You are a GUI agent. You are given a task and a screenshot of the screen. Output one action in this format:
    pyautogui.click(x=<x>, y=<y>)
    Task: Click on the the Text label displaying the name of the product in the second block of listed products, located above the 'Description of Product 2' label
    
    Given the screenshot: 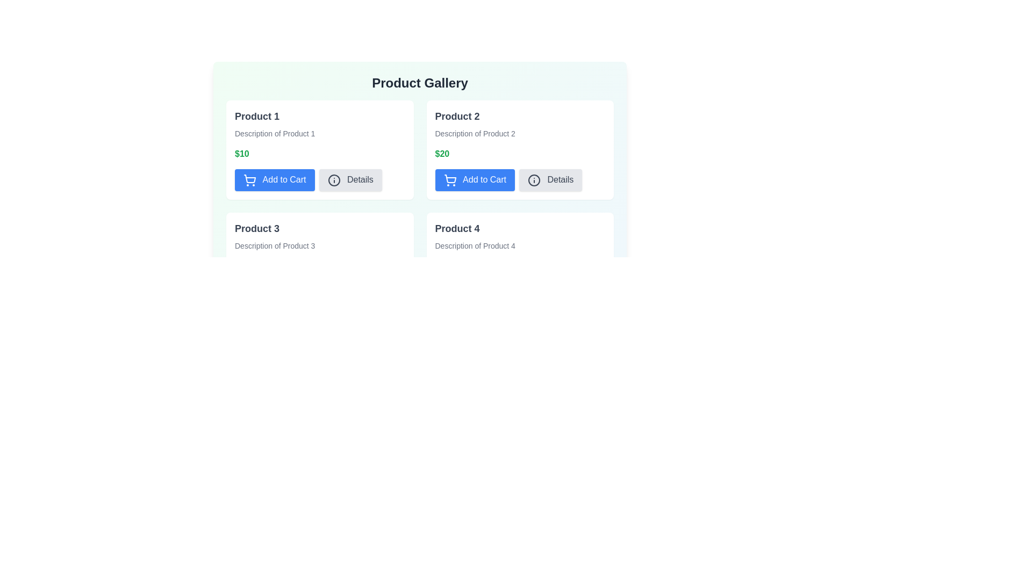 What is the action you would take?
    pyautogui.click(x=457, y=116)
    